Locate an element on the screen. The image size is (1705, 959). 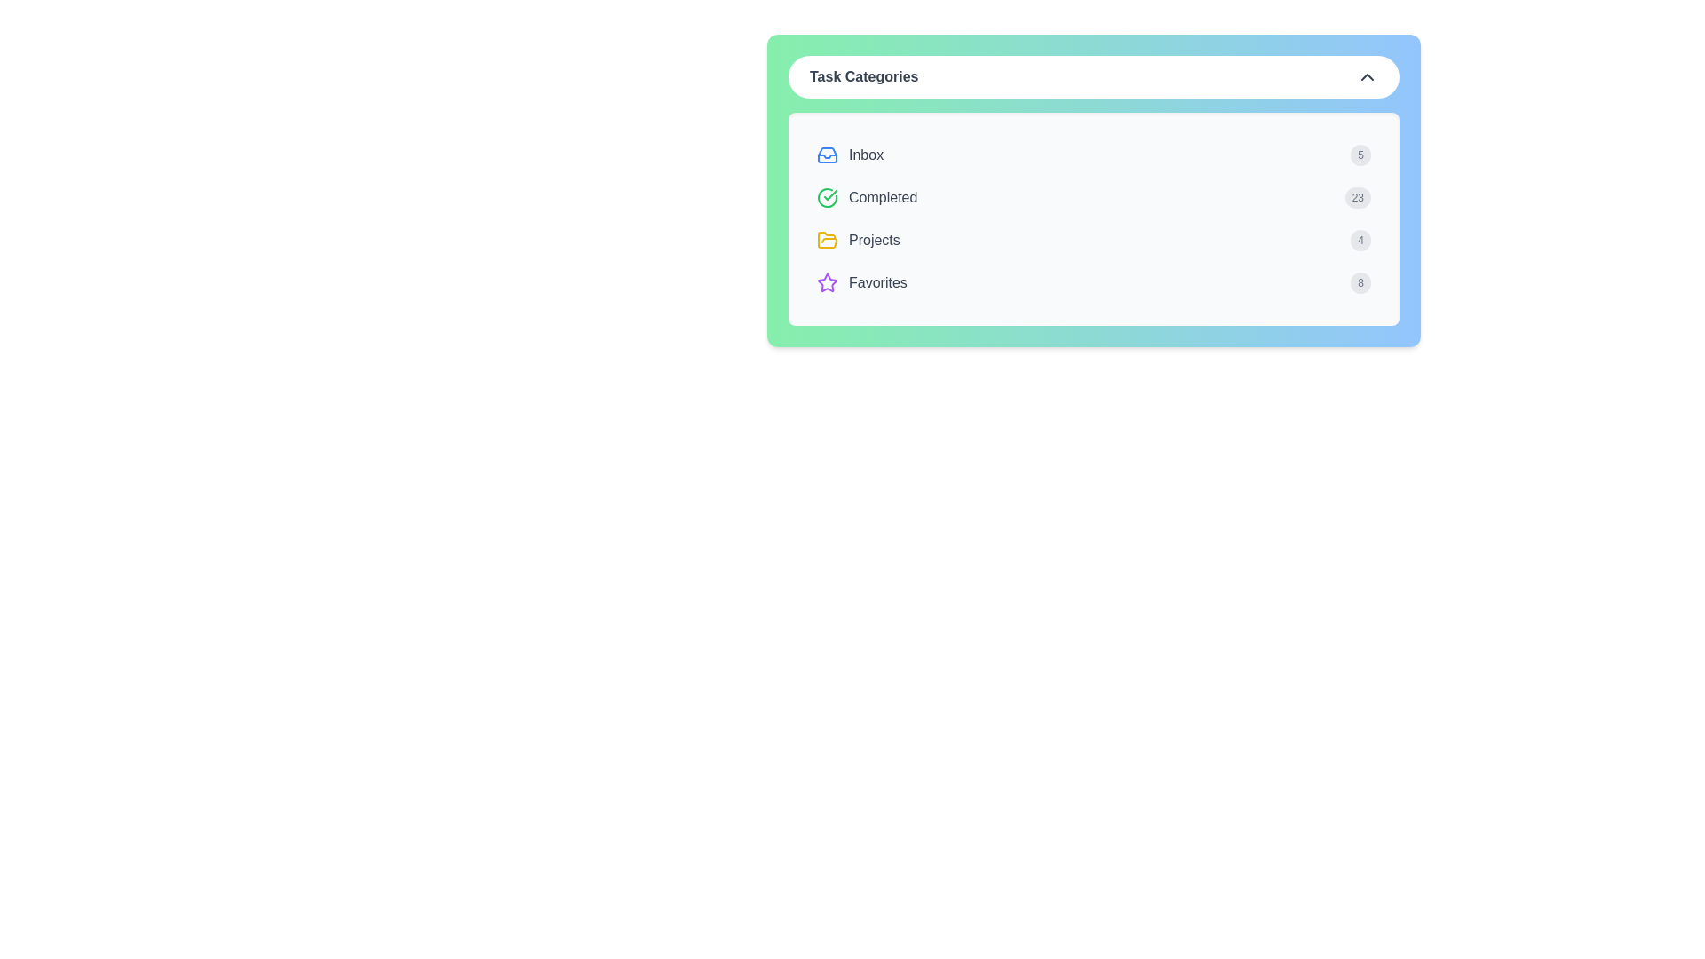
the navigational entry for the 'Projects' category, which is the third item in the vertical list under 'Task Categories' is located at coordinates (1093, 240).